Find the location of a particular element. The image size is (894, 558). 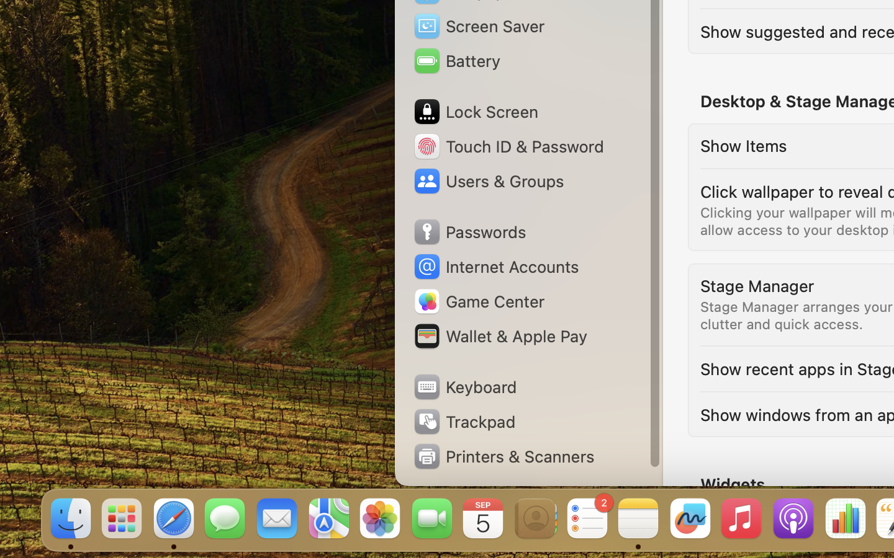

'Lock Screen' is located at coordinates (474, 112).